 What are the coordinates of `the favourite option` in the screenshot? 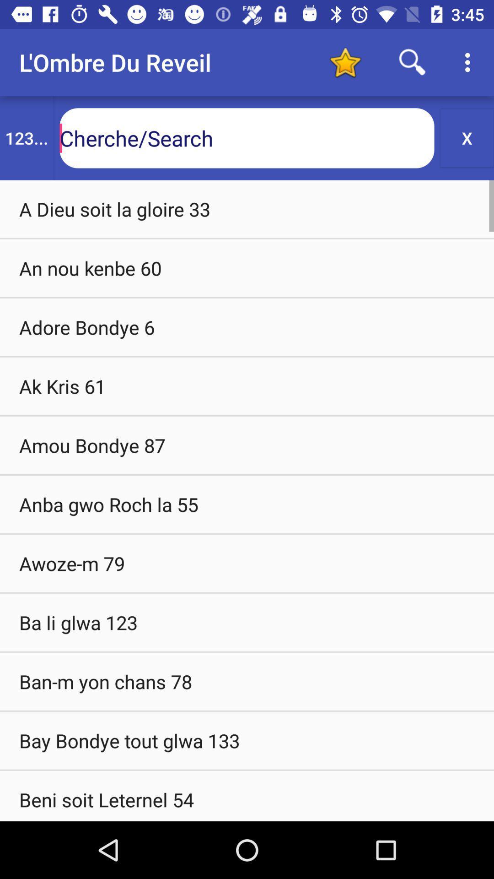 It's located at (345, 62).